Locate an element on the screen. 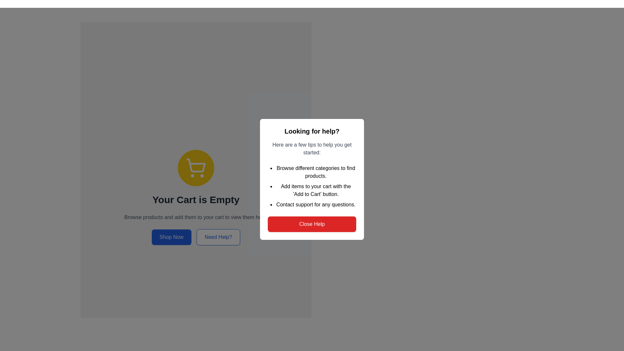 This screenshot has height=351, width=624. the 'Shop Now' button, which is a rectangular button with rounded edges and a blue background featuring white text, positioned below the cart icon and to the left of the 'Need Help?' button is located at coordinates (171, 237).